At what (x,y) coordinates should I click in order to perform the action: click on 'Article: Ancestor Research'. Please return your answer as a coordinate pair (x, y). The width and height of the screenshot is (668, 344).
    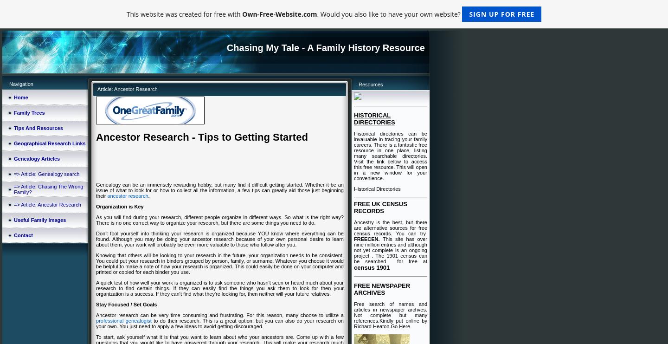
    Looking at the image, I should click on (127, 88).